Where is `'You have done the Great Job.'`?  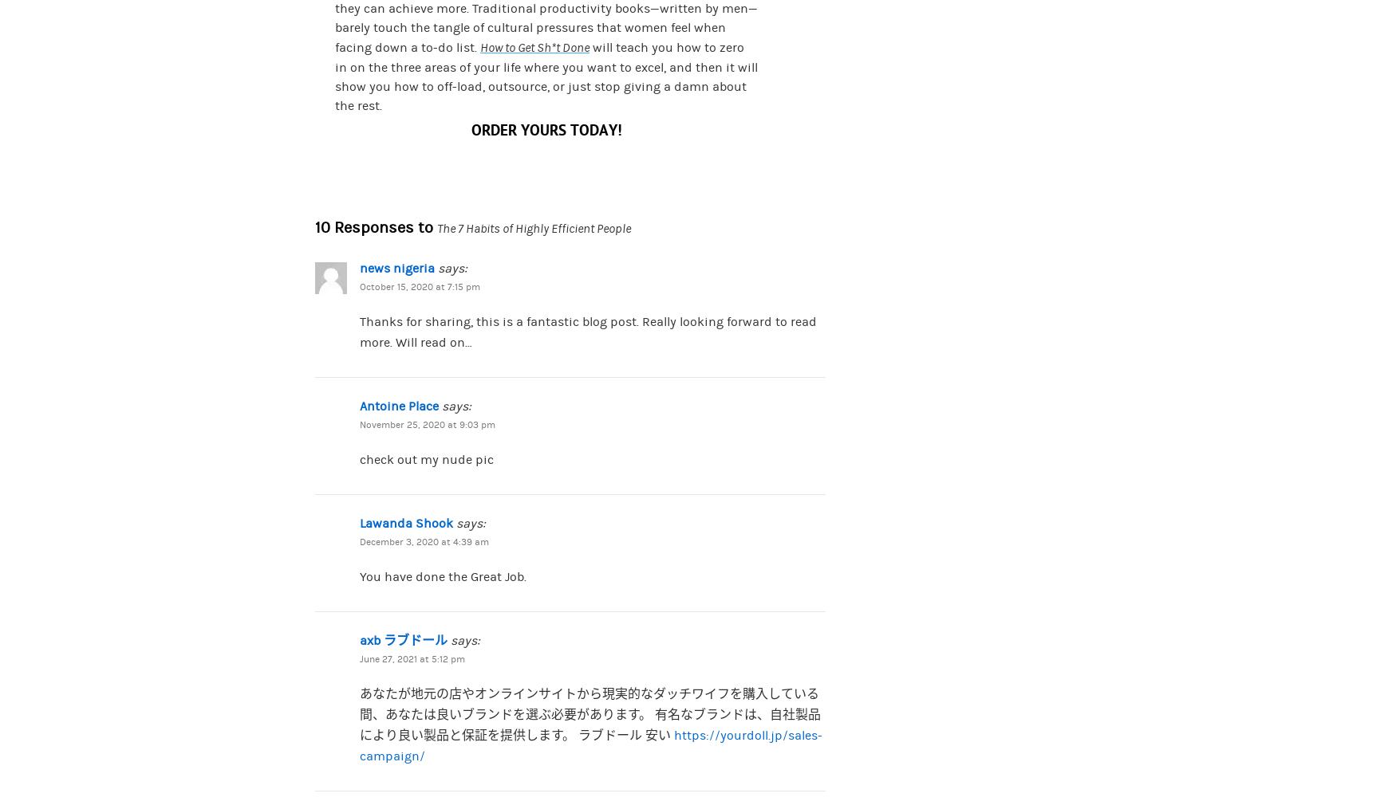
'You have done the Great Job.' is located at coordinates (442, 575).